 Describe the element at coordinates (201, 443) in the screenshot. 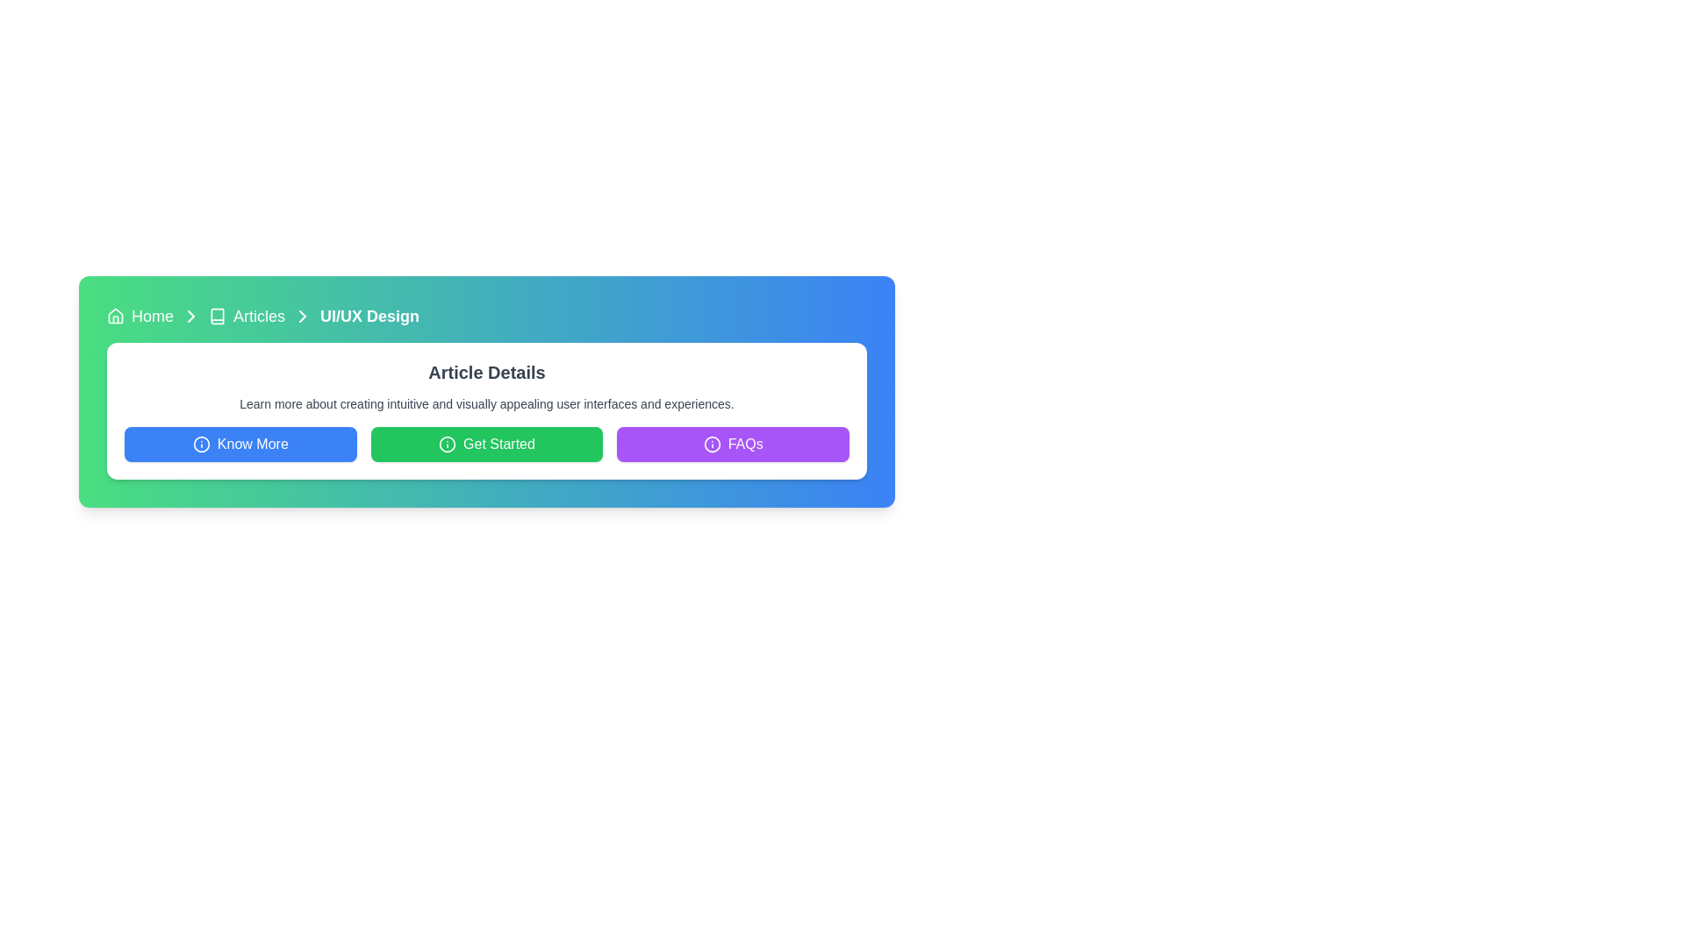

I see `the 'Know More' button, which is located at the bottom of the 'Article Details' section and has an icon representing additional information` at that location.